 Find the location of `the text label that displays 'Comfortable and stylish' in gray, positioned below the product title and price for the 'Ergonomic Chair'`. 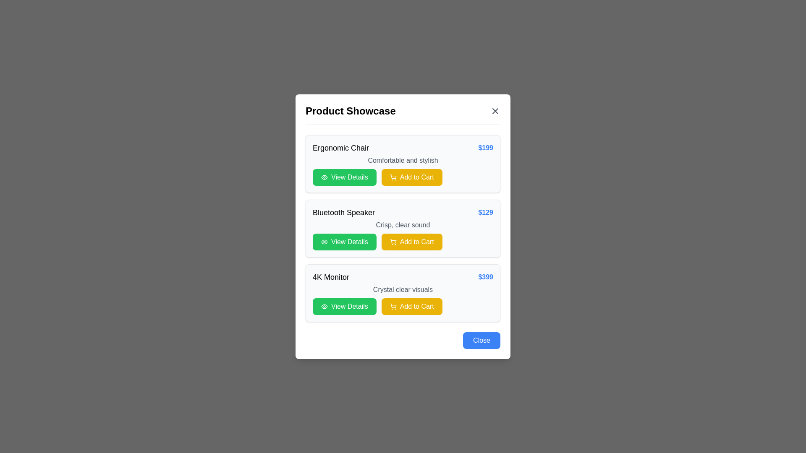

the text label that displays 'Comfortable and stylish' in gray, positioned below the product title and price for the 'Ergonomic Chair' is located at coordinates (403, 160).